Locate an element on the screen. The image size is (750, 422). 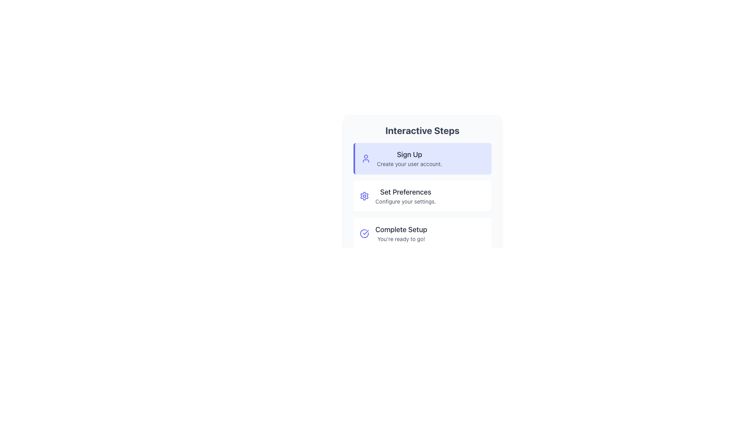
the checkmark icon that is part of the circular confirmation illustration, located near the 'Complete Setup' step is located at coordinates (365, 232).